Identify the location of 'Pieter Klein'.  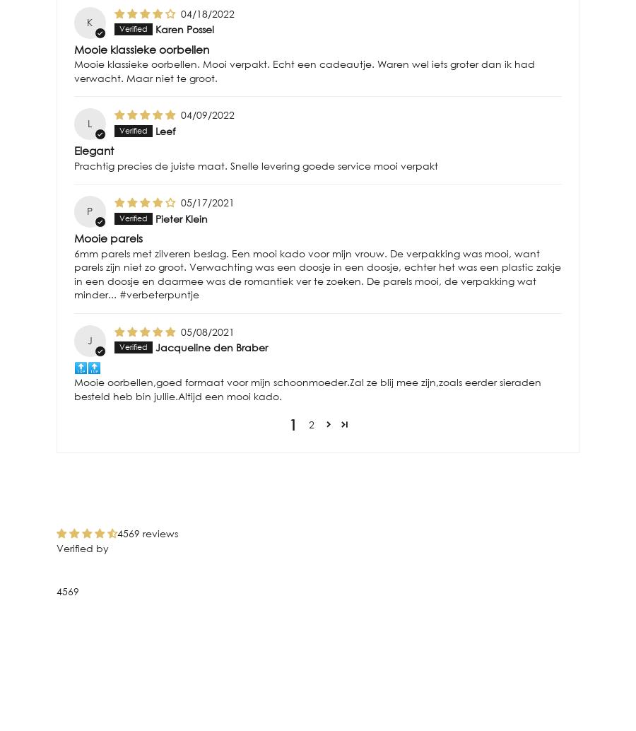
(179, 218).